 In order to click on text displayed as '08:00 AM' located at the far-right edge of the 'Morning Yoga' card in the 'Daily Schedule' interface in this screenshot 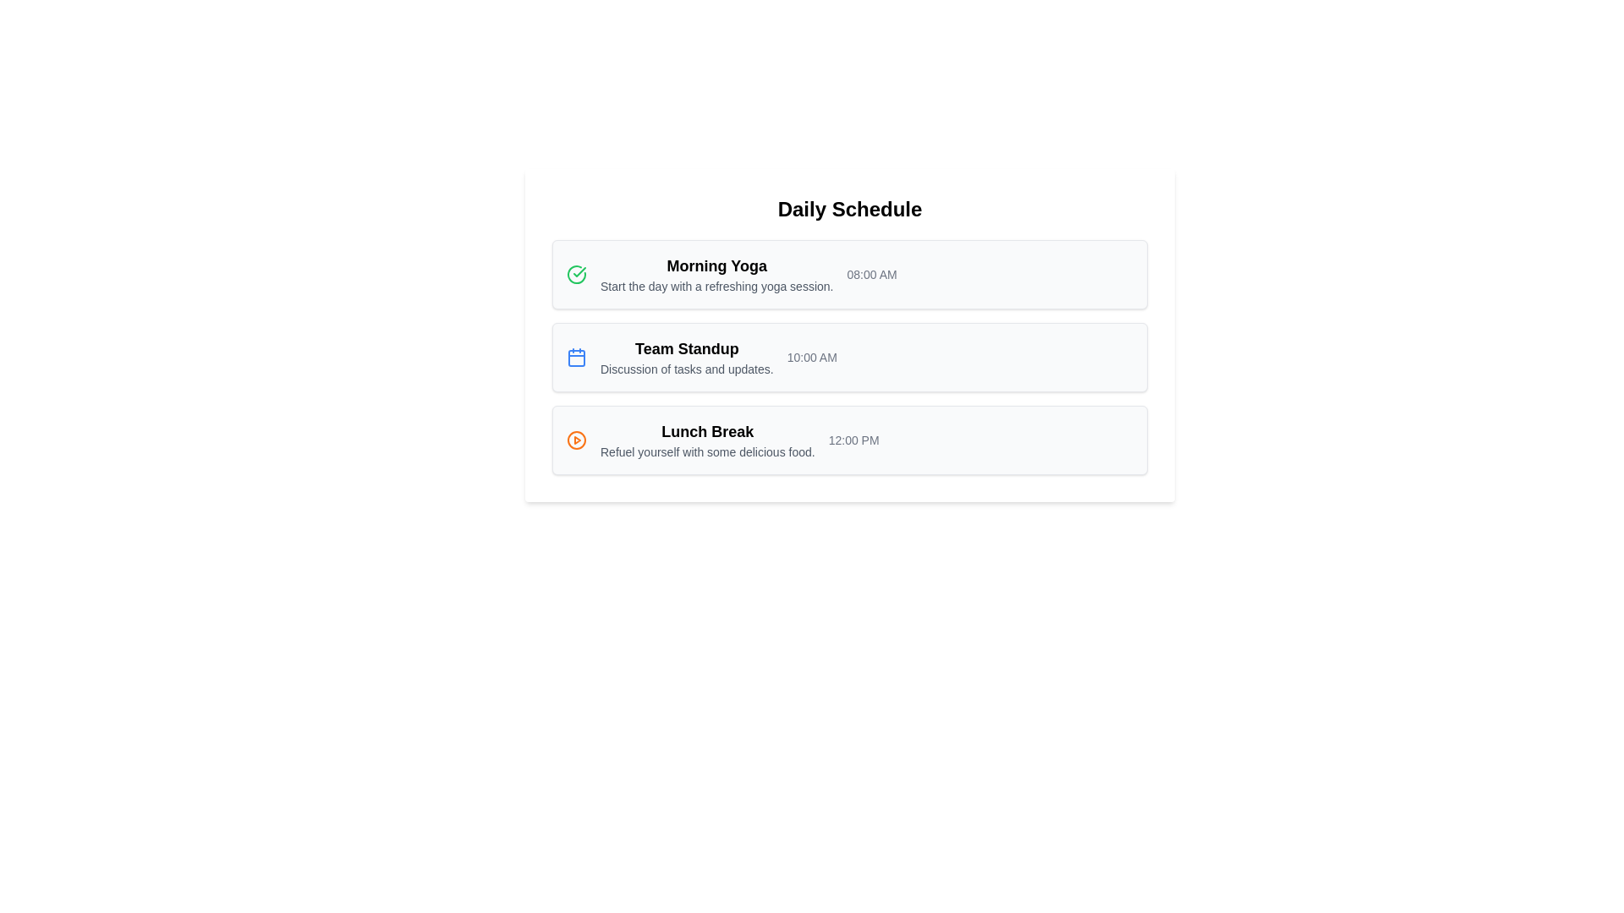, I will do `click(872, 273)`.